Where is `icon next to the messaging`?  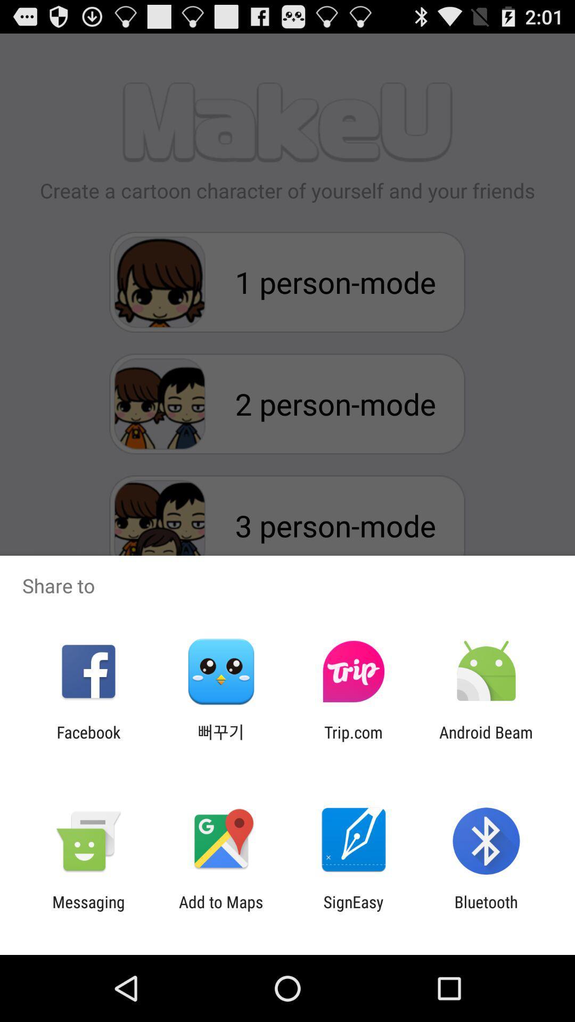 icon next to the messaging is located at coordinates (220, 911).